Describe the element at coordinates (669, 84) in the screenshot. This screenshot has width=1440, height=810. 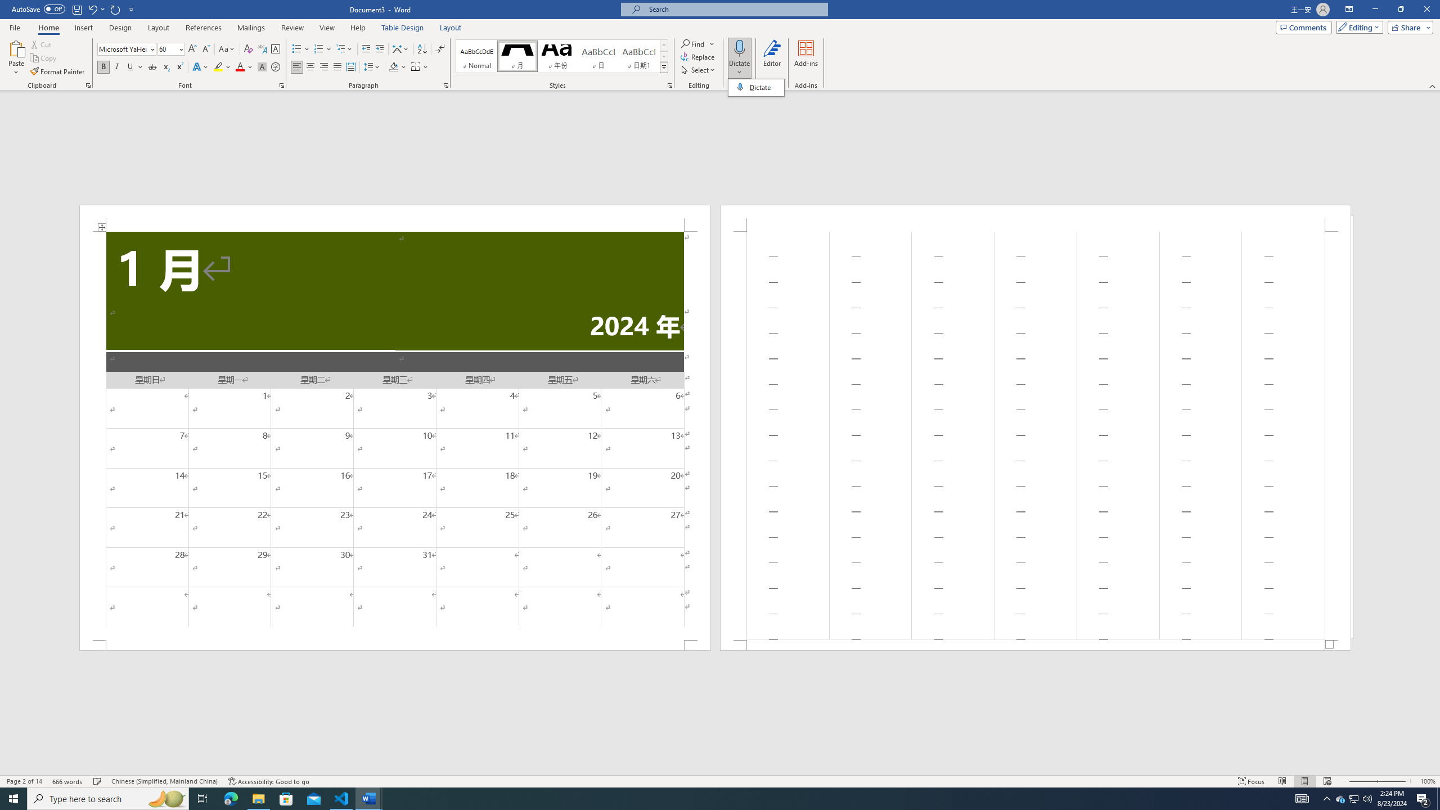
I see `'Styles...'` at that location.